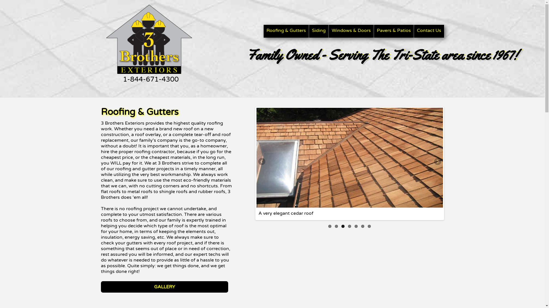 The image size is (549, 308). What do you see at coordinates (336, 226) in the screenshot?
I see `'2'` at bounding box center [336, 226].